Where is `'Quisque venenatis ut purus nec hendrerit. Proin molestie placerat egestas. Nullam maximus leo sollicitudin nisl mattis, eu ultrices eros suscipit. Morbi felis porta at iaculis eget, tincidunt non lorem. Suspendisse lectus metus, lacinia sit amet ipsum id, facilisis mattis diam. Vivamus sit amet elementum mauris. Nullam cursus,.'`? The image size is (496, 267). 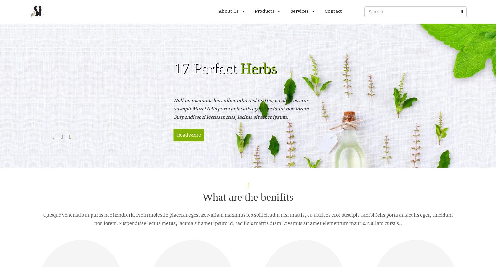 'Quisque venenatis ut purus nec hendrerit. Proin molestie placerat egestas. Nullam maximus leo sollicitudin nisl mattis, eu ultrices eros suscipit. Morbi felis porta at iaculis eget, tincidunt non lorem. Suspendisse lectus metus, lacinia sit amet ipsum id, facilisis mattis diam. Vivamus sit amet elementum mauris. Nullam cursus,.' is located at coordinates (248, 219).